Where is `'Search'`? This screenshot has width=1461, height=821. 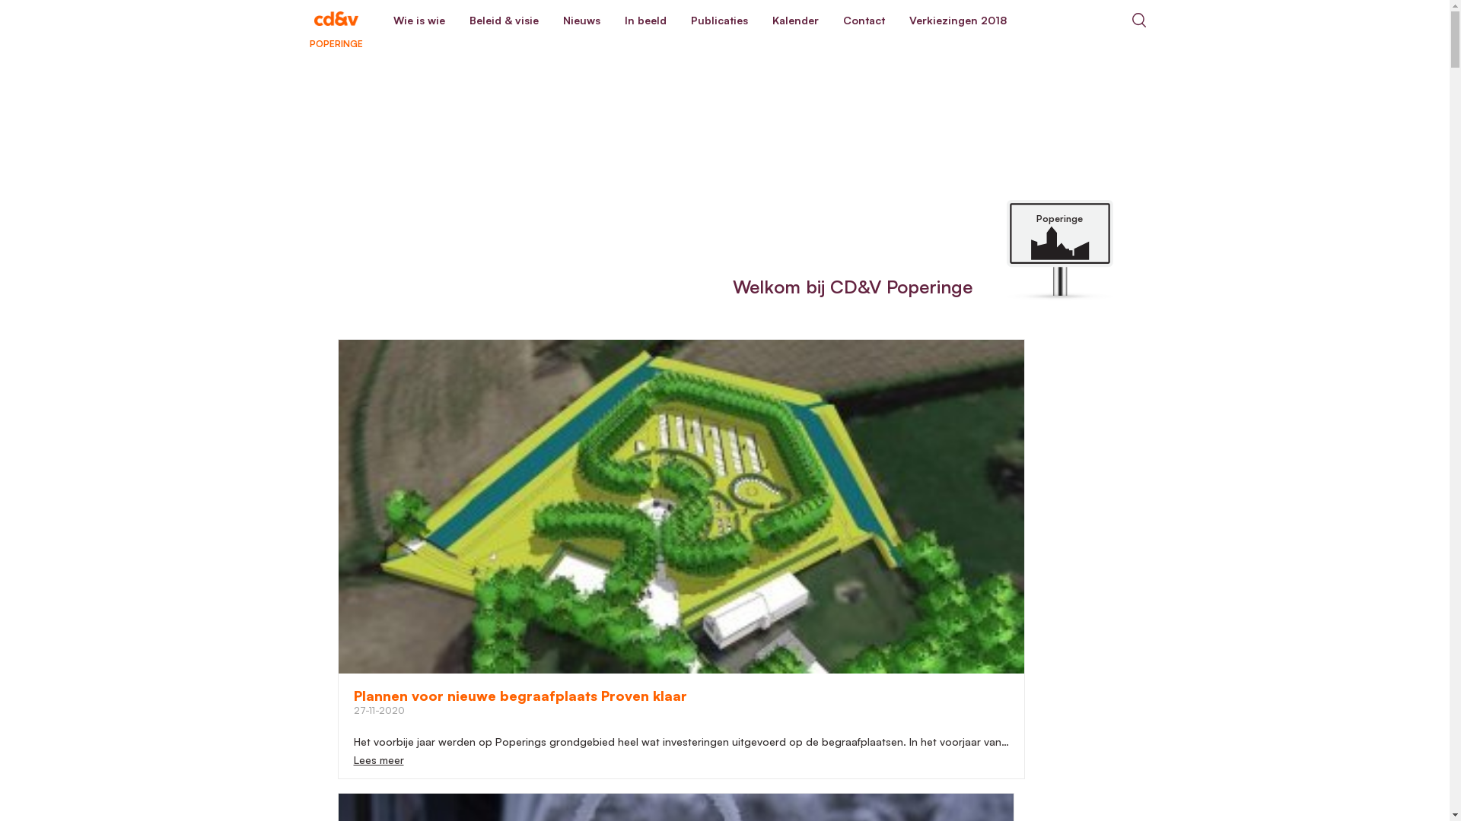
'Search' is located at coordinates (1118, 20).